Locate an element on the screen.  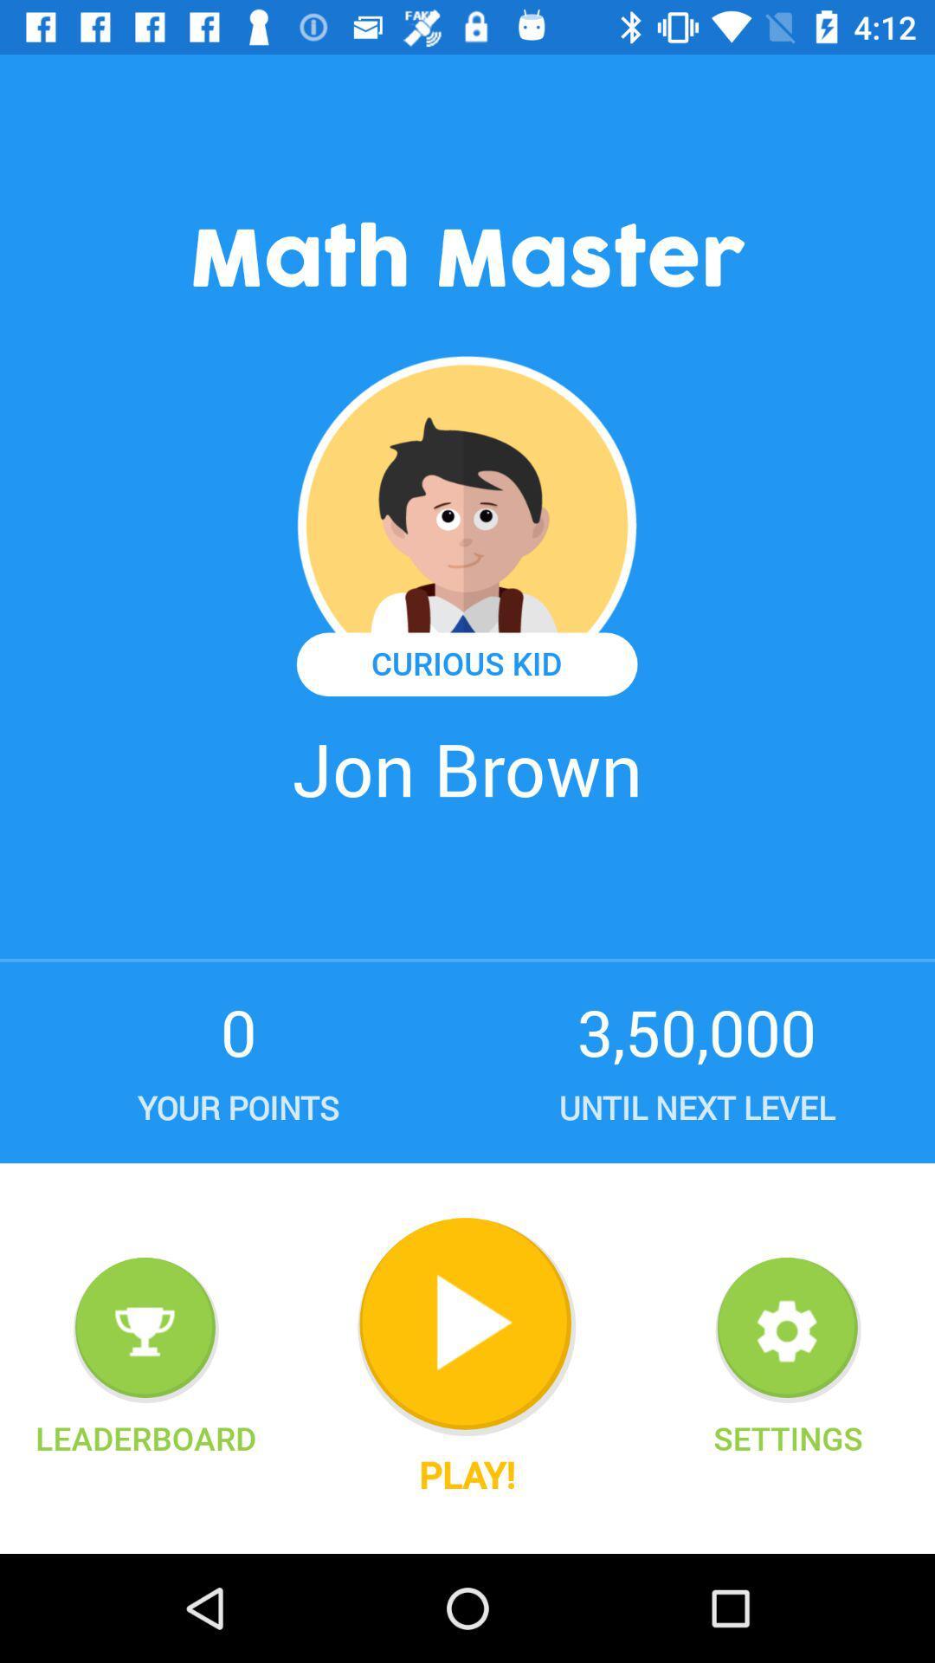
begin the game is located at coordinates (466, 1326).